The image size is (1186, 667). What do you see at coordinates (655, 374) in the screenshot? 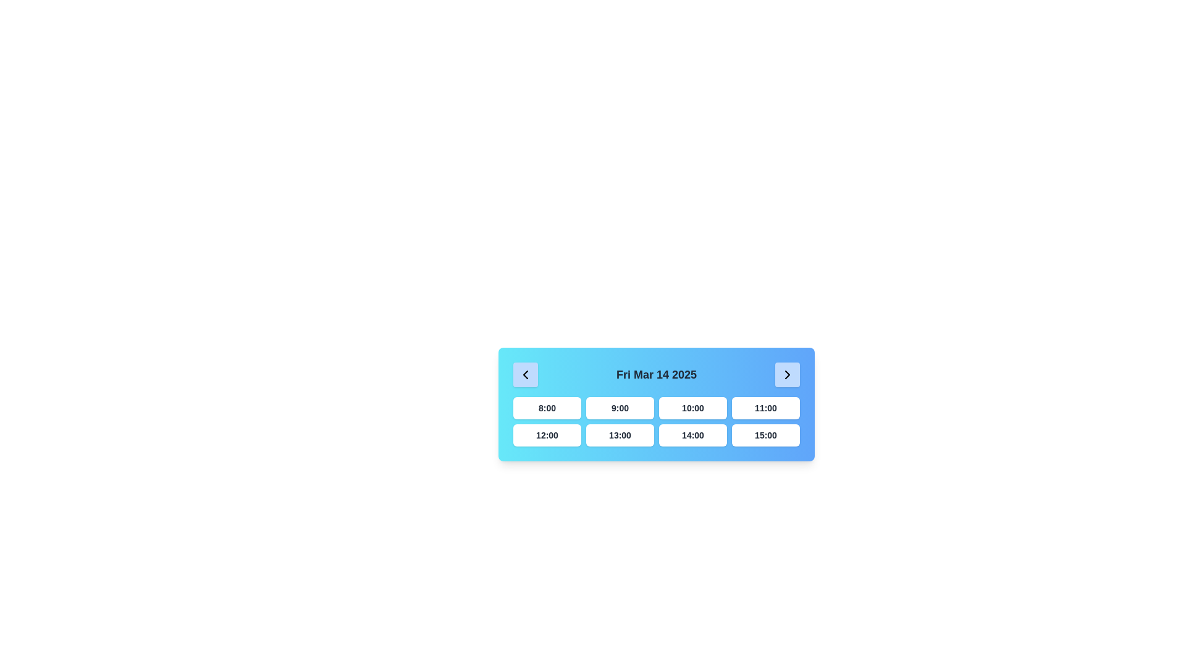
I see `the static text displaying the date 'Fri Mar 14 2025' which is centrally positioned between two arrow icons on a blue-gradient background` at bounding box center [655, 374].